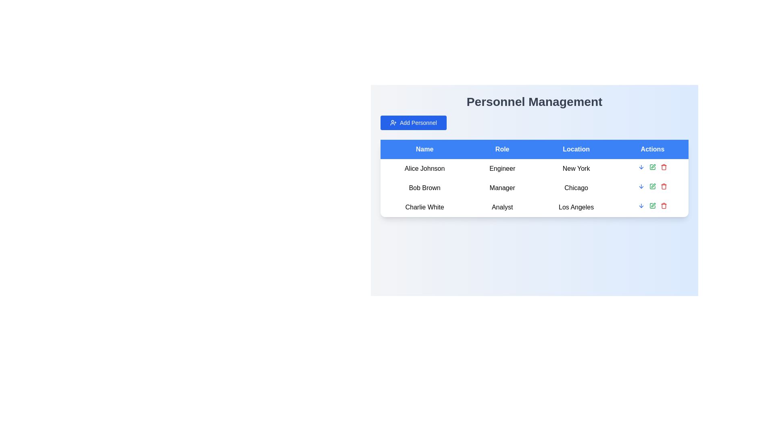  What do you see at coordinates (534, 188) in the screenshot?
I see `the cells in the table row displaying information about the individual named 'Bob Brown', located in the second row under 'Personnel Management'` at bounding box center [534, 188].